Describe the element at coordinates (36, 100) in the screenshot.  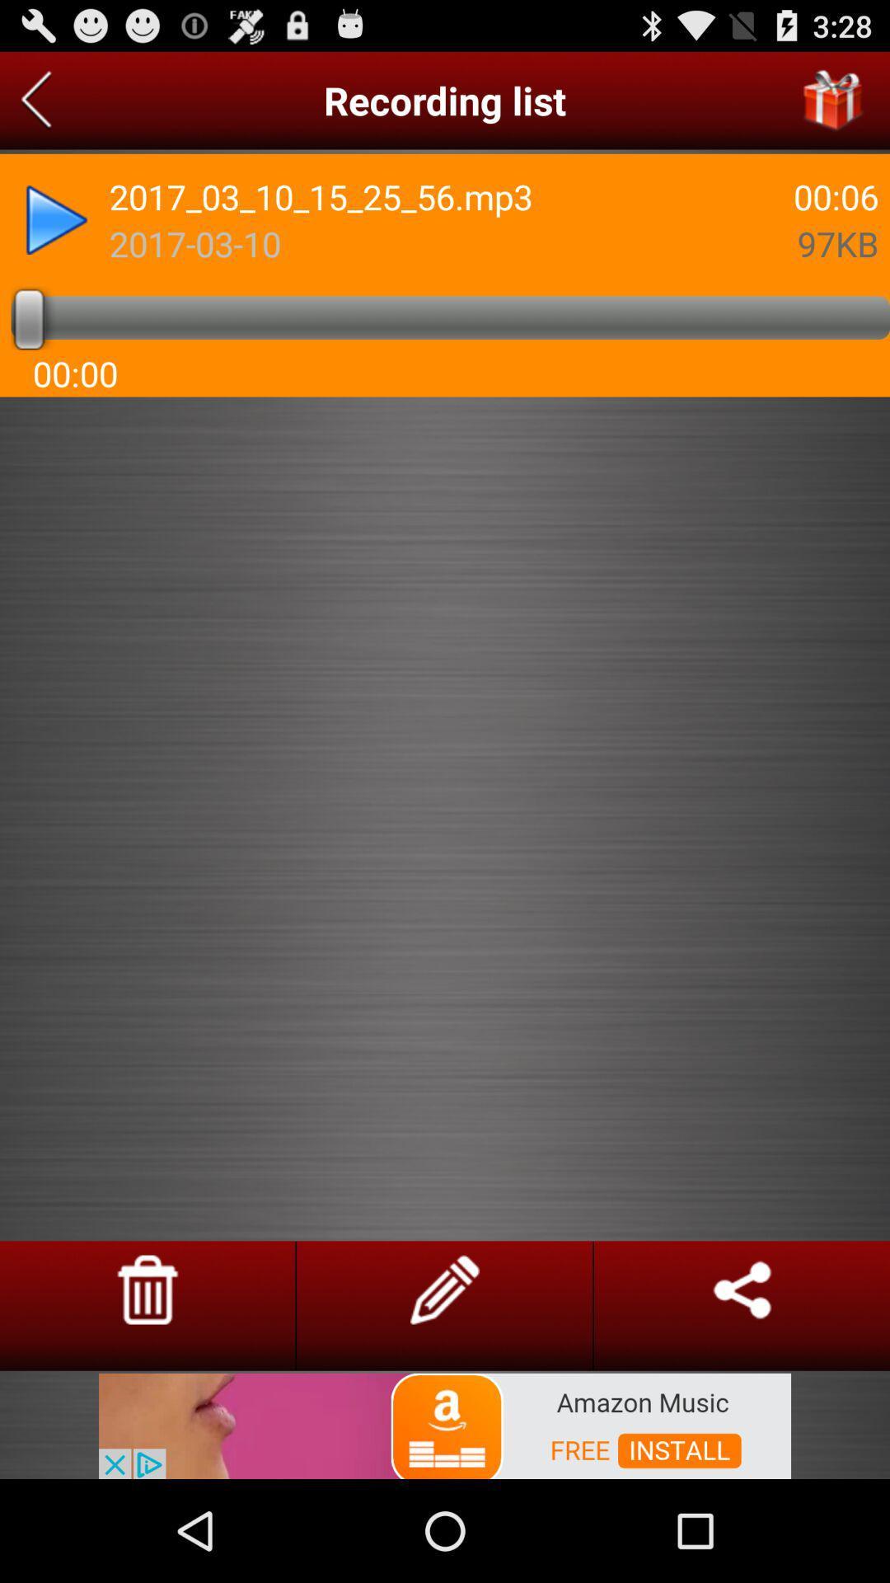
I see `next` at that location.